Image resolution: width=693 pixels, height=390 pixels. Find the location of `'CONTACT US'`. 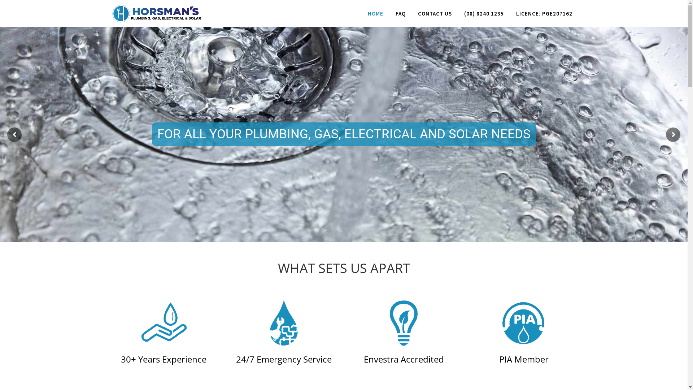

'CONTACT US' is located at coordinates (411, 13).